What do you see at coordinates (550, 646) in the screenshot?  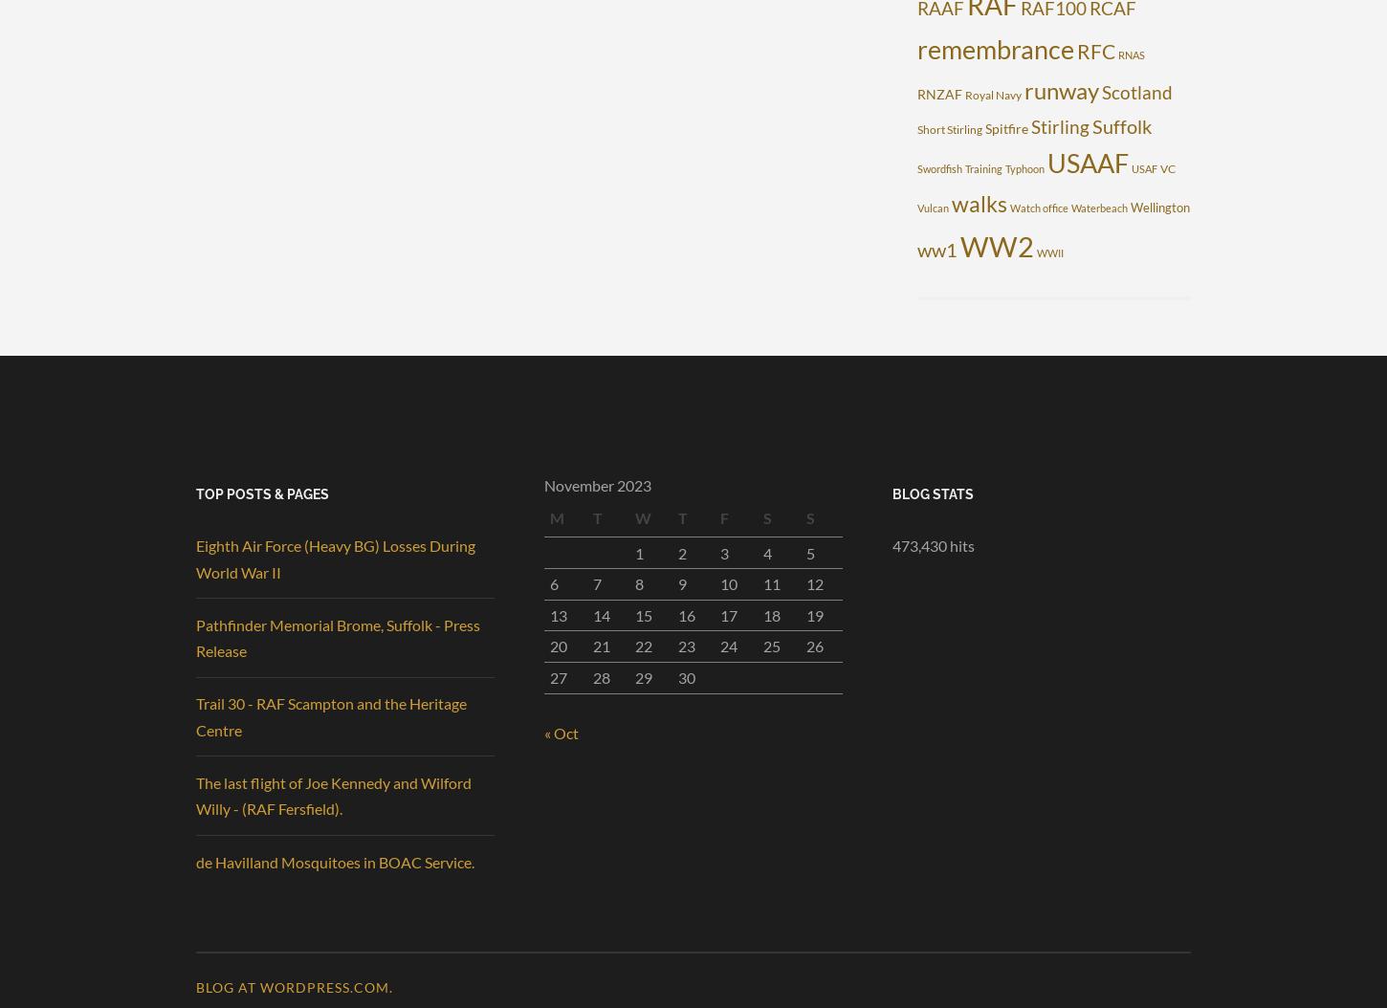 I see `'20'` at bounding box center [550, 646].